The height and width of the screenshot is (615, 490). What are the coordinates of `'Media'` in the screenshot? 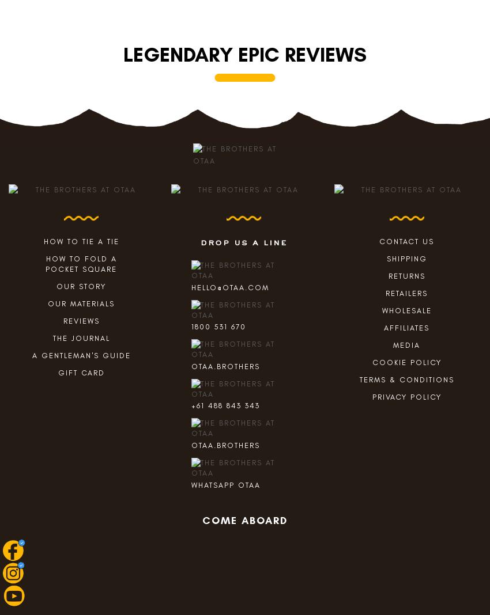 It's located at (406, 344).